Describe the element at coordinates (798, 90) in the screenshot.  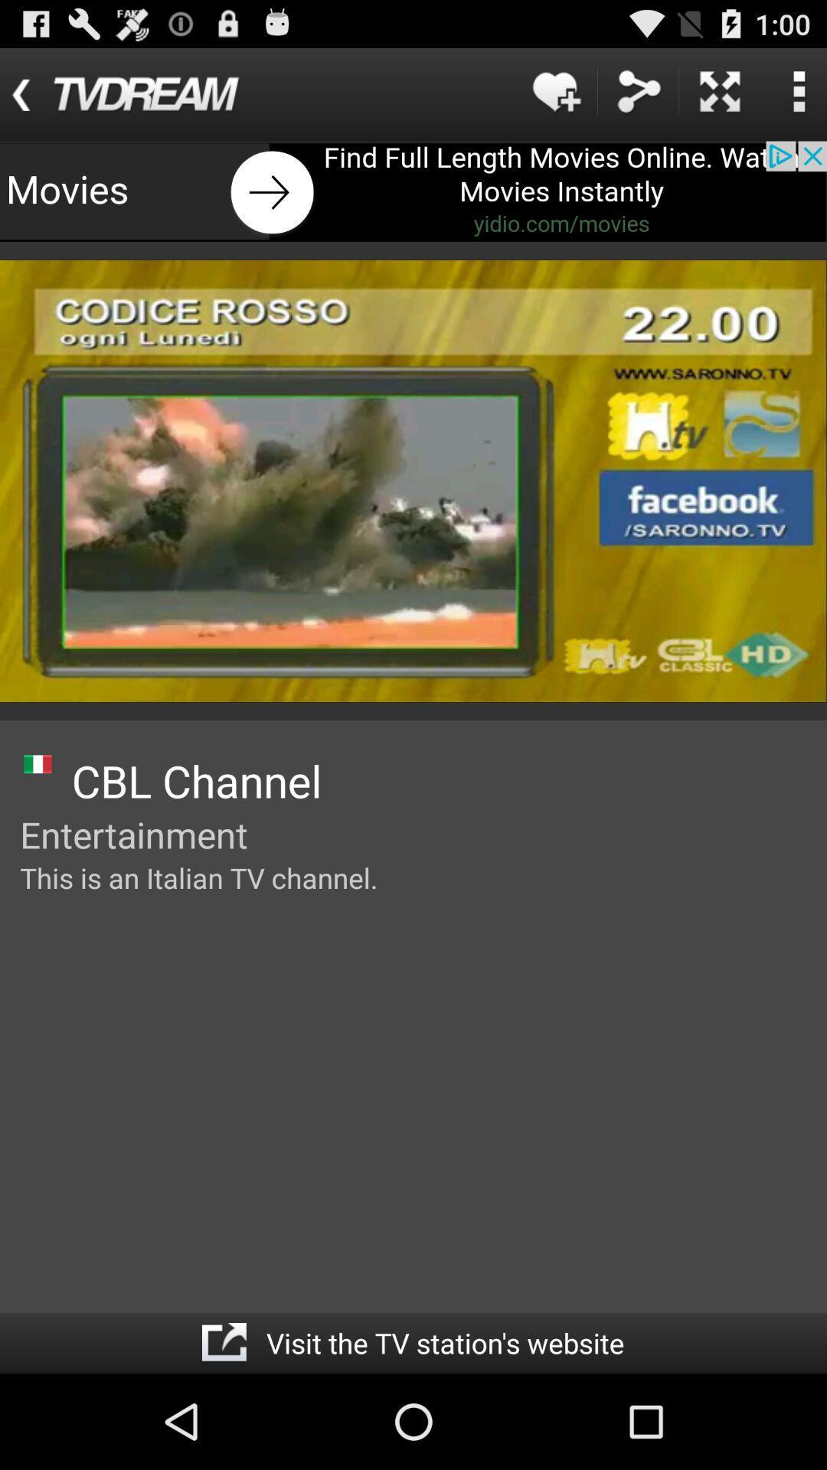
I see `over view the option` at that location.